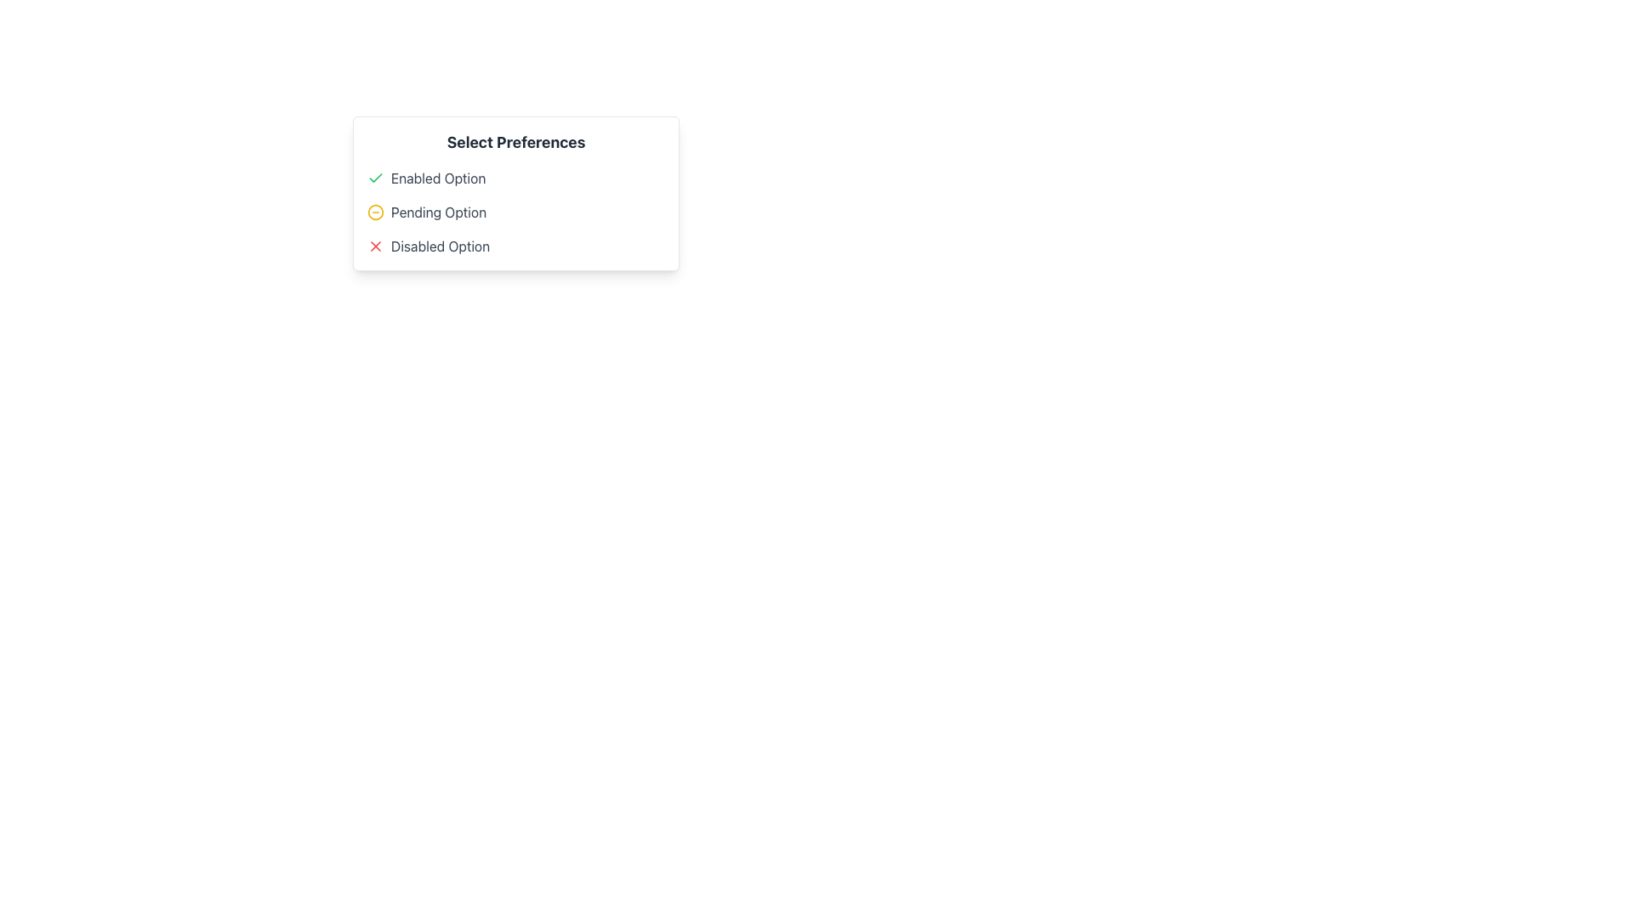 This screenshot has width=1633, height=918. I want to click on the circular outline of the 'circle-minus' icon located to the left of the 'Pending Option' label in the preference selection area for status identification, so click(374, 212).